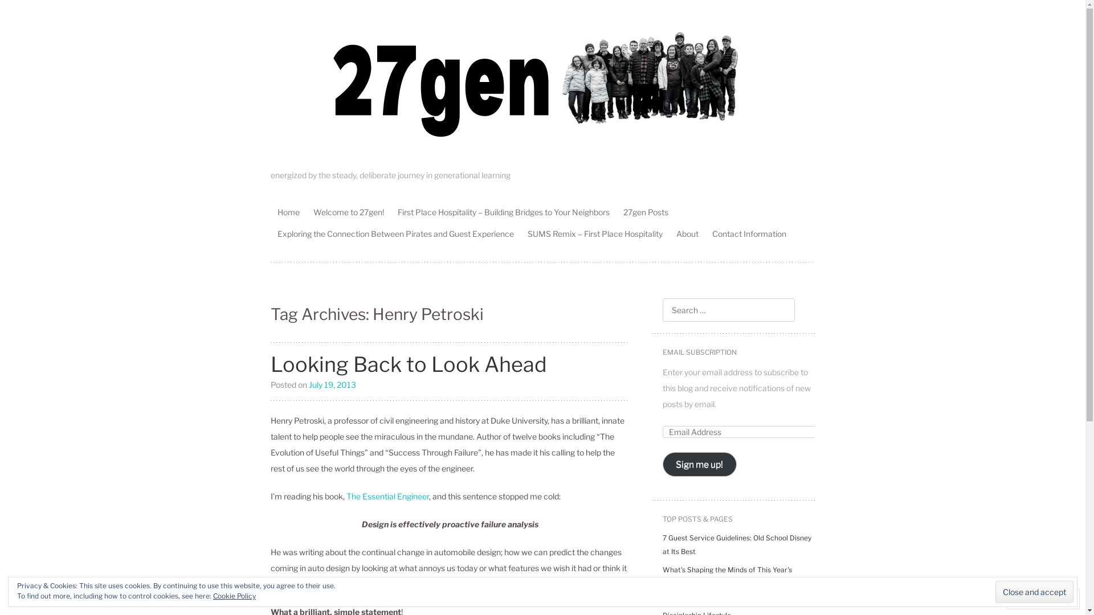 The height and width of the screenshot is (615, 1094). What do you see at coordinates (736, 544) in the screenshot?
I see `'7 Guest Service Guidelines: Old School Disney at Its Best'` at bounding box center [736, 544].